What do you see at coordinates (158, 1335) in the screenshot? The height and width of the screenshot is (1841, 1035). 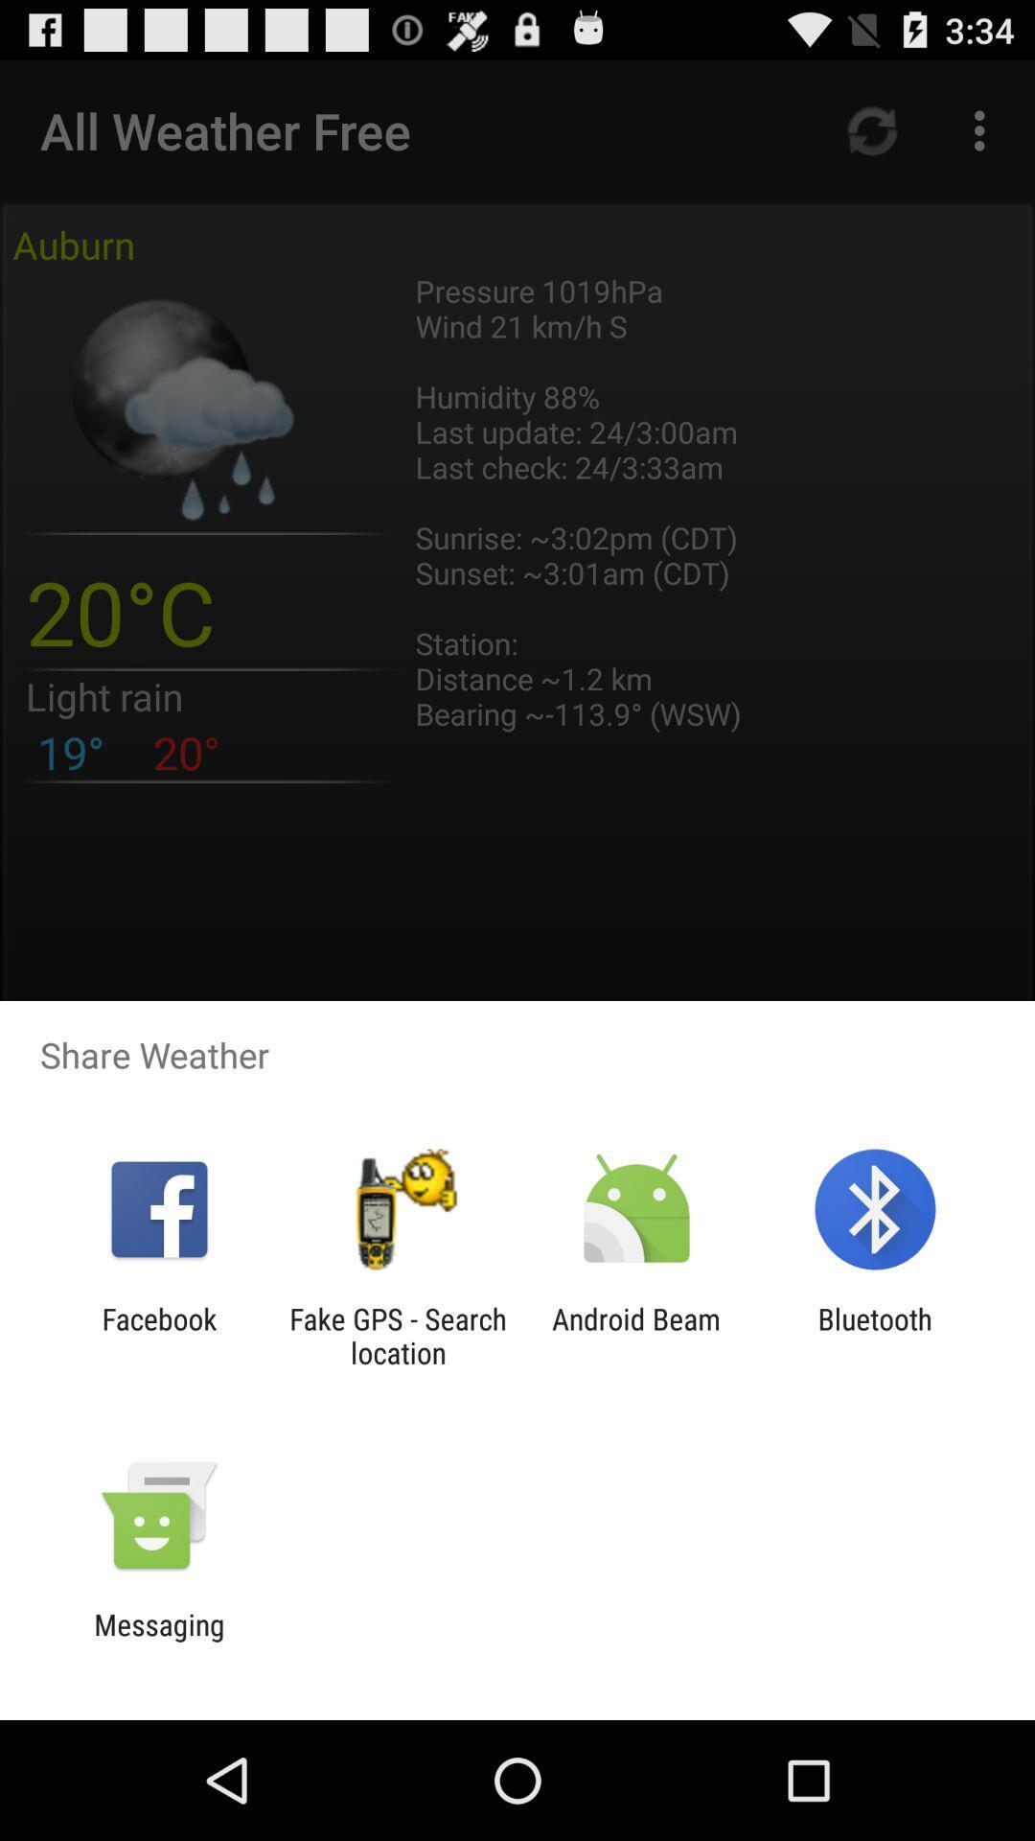 I see `facebook` at bounding box center [158, 1335].